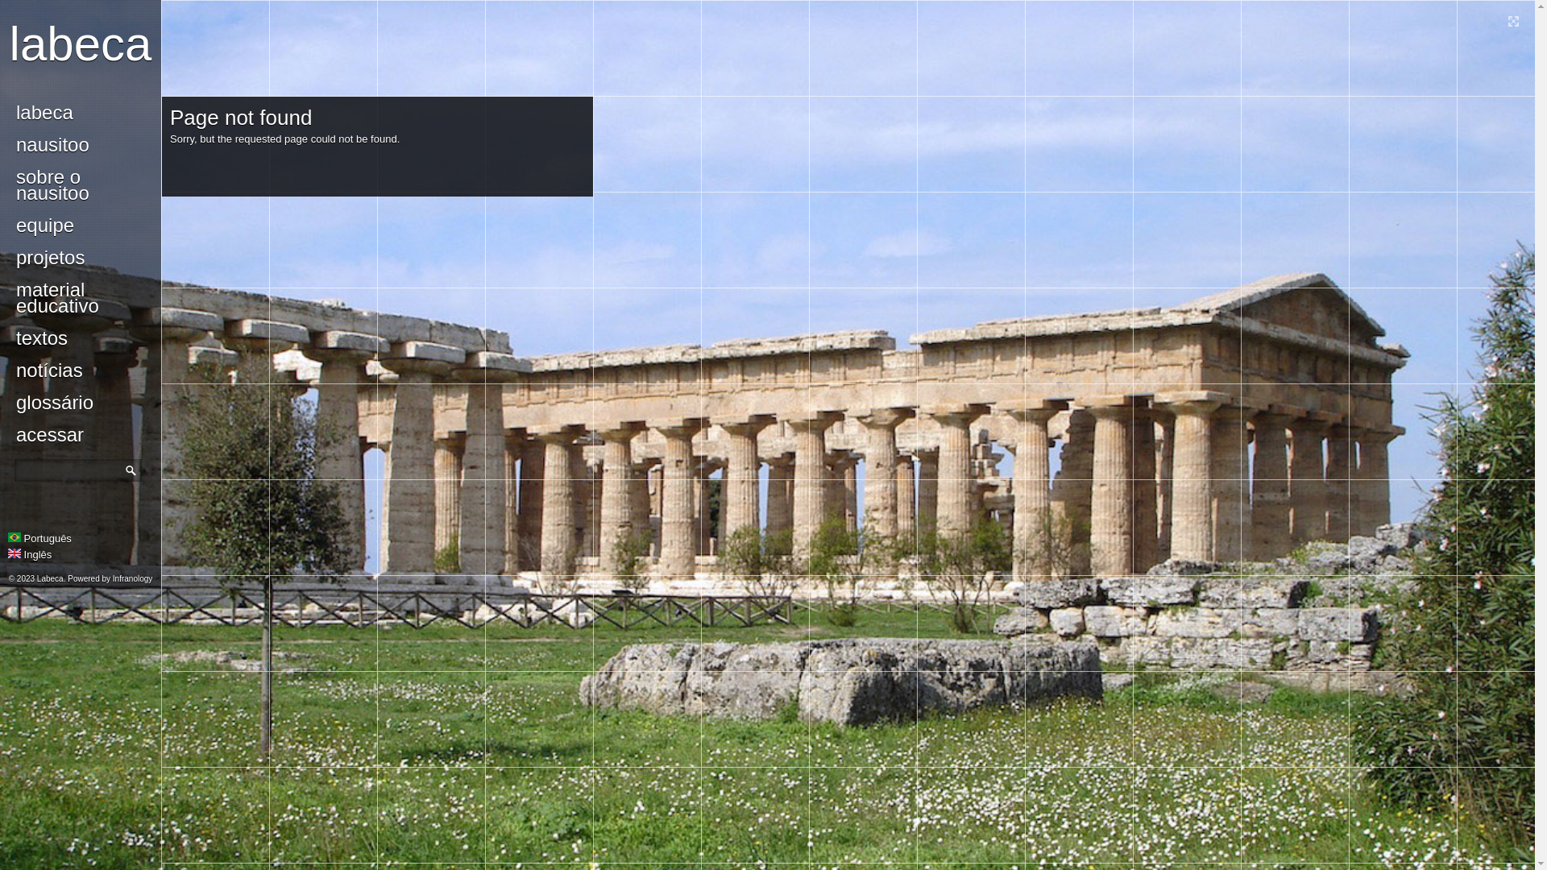 This screenshot has height=870, width=1547. I want to click on 'labeca', so click(0, 111).